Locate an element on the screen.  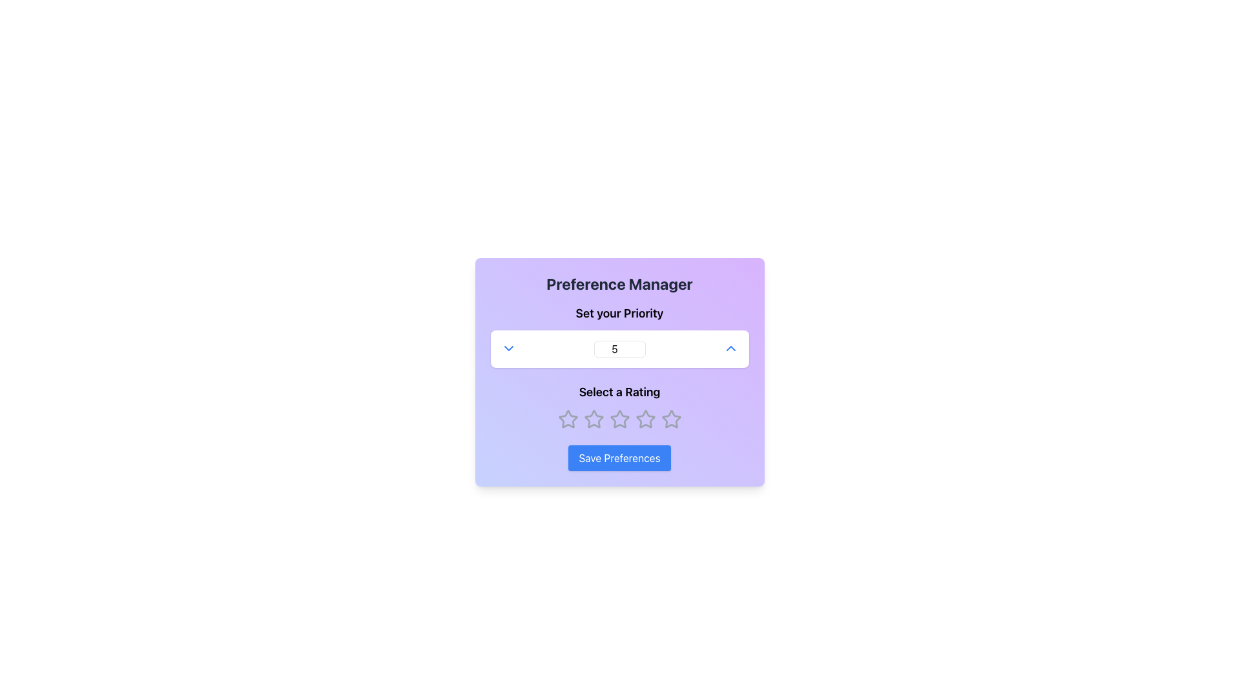
the Header that instructs the user to select a rating, positioned below the 'Set your Priority' dropdown and above the row of star icons is located at coordinates (619, 392).